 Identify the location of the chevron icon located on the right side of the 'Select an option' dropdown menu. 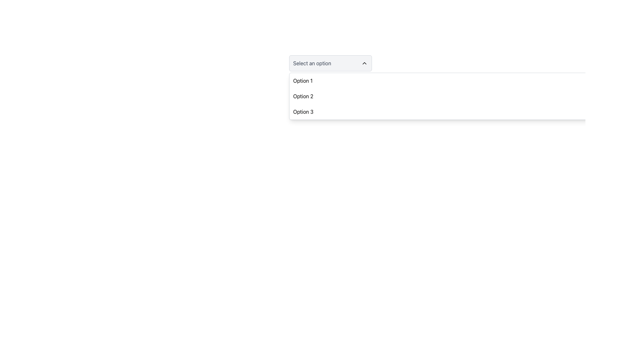
(364, 63).